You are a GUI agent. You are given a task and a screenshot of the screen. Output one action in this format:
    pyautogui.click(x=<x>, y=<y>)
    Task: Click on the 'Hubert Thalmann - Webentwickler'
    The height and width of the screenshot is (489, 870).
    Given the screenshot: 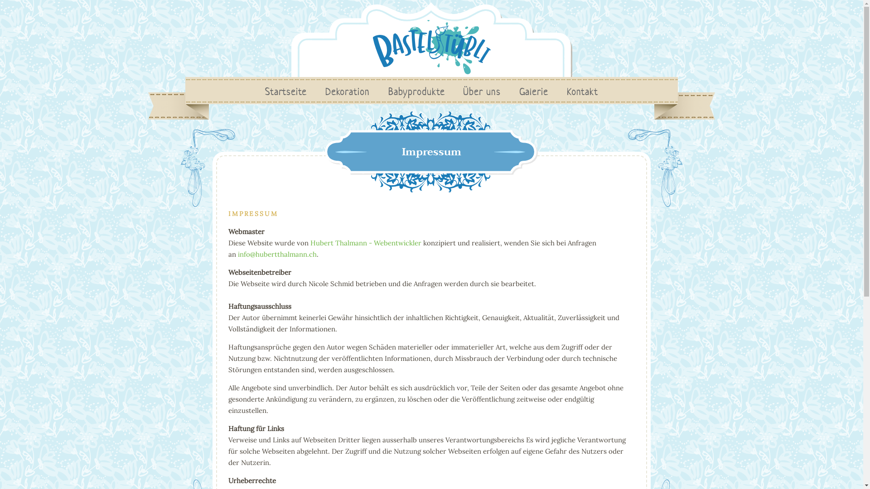 What is the action you would take?
    pyautogui.click(x=366, y=242)
    